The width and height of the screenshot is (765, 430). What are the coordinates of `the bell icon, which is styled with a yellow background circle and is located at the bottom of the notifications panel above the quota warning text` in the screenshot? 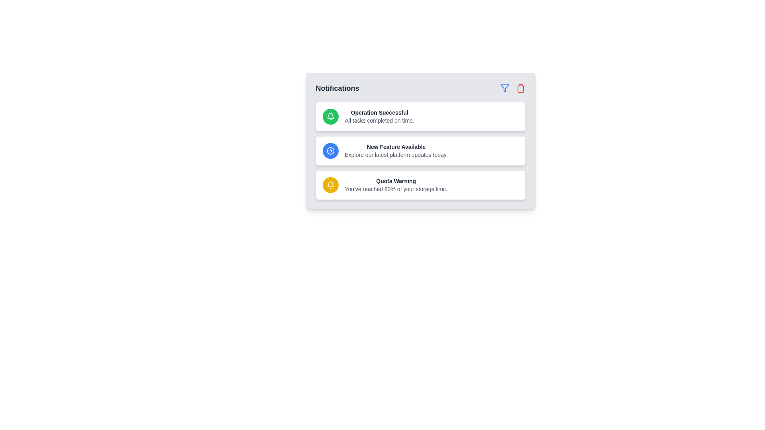 It's located at (330, 185).